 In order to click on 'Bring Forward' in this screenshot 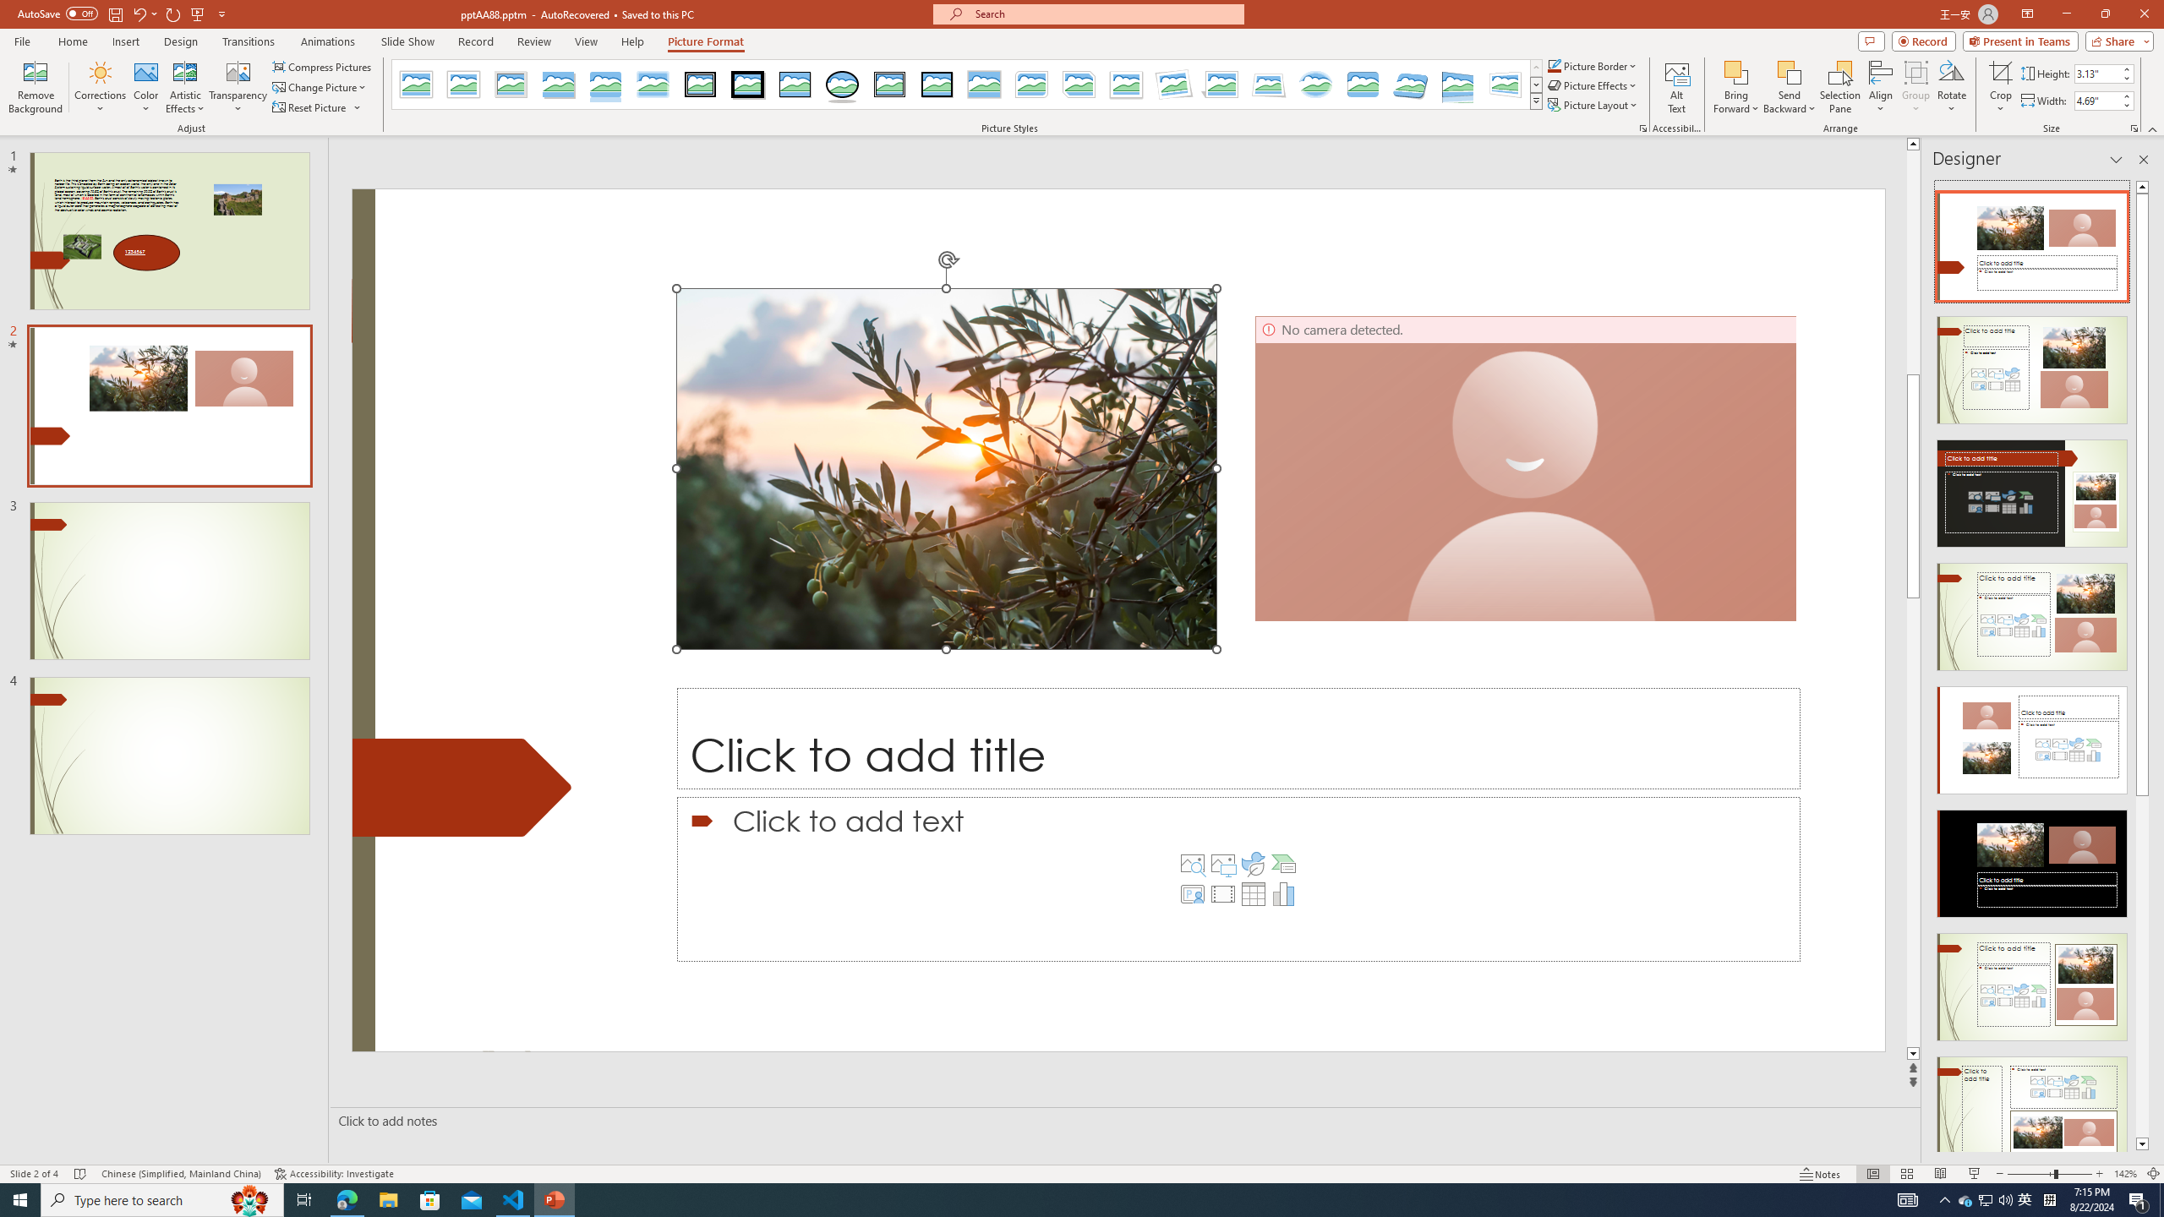, I will do `click(1736, 87)`.